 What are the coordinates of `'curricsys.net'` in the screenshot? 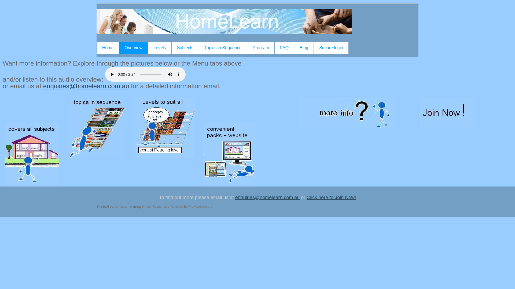 It's located at (123, 206).